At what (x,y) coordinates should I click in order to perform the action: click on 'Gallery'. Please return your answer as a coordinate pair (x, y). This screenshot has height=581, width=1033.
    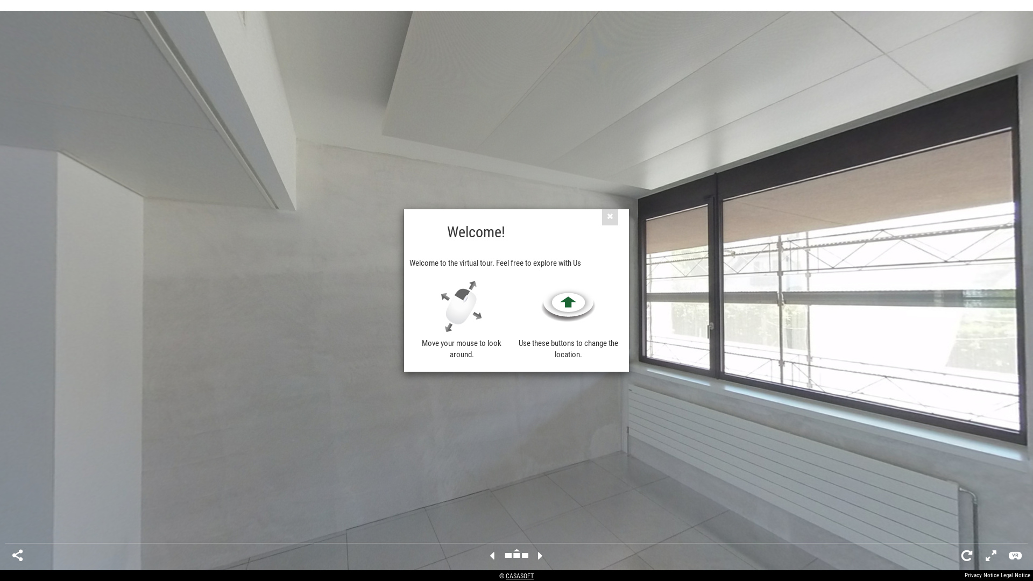
    Looking at the image, I should click on (516, 556).